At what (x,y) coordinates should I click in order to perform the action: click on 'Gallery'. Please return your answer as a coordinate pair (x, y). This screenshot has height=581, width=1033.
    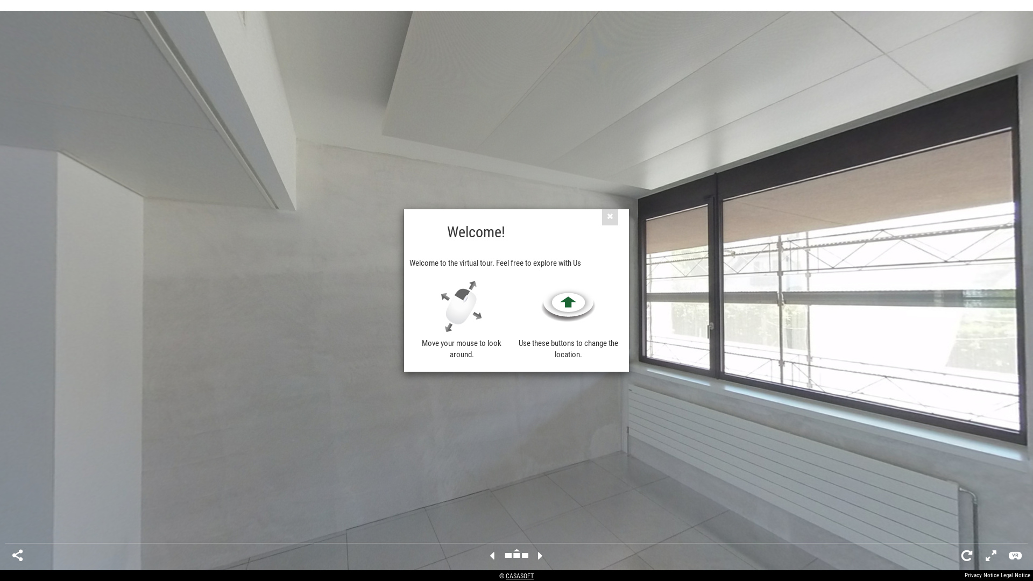
    Looking at the image, I should click on (516, 556).